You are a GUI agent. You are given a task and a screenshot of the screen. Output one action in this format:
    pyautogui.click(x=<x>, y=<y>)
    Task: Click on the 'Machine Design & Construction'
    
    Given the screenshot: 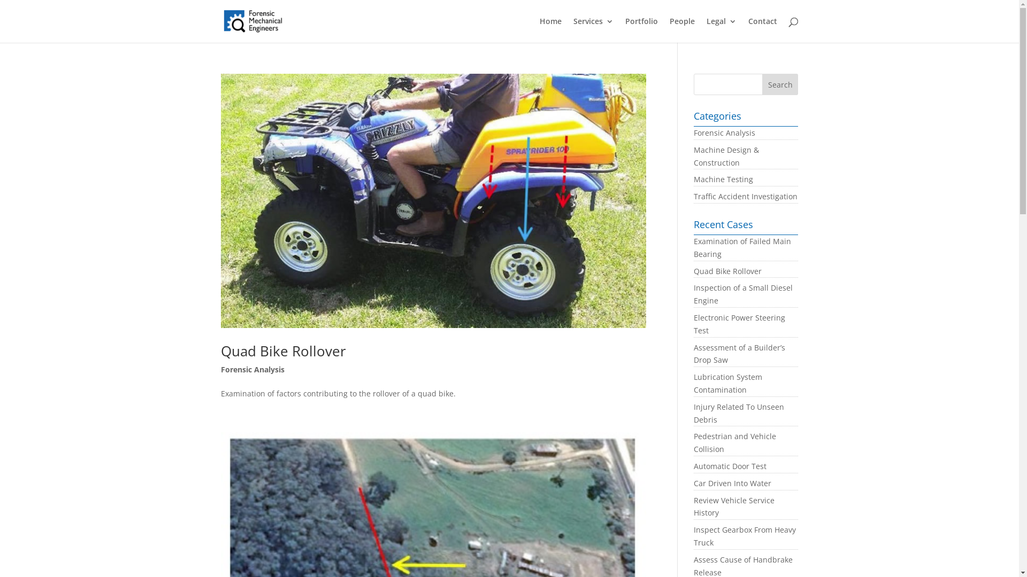 What is the action you would take?
    pyautogui.click(x=726, y=156)
    